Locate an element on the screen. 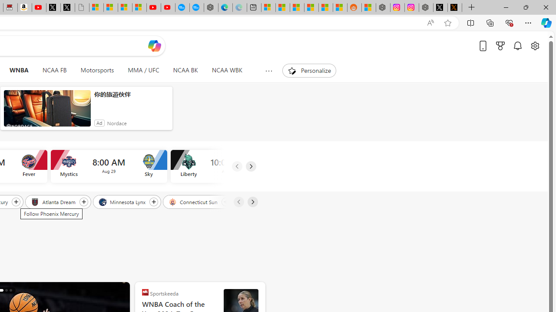 This screenshot has height=312, width=556. 'WNBA' is located at coordinates (19, 70).